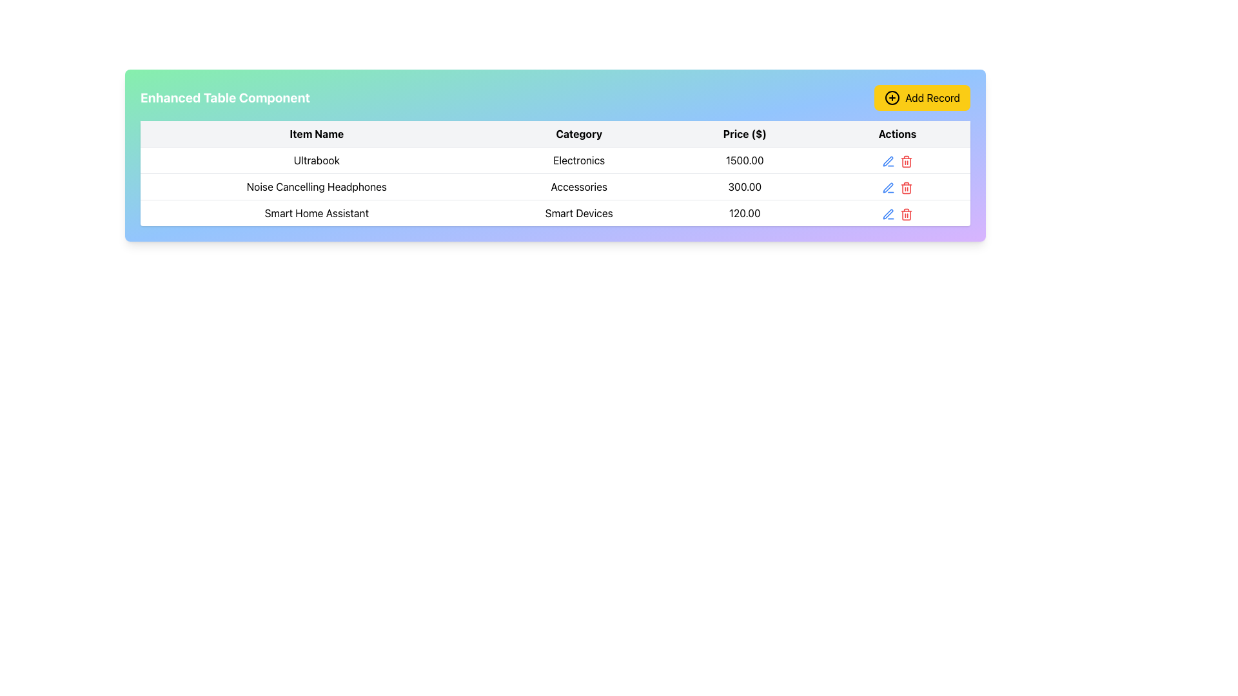 The image size is (1238, 696). Describe the element at coordinates (892, 97) in the screenshot. I see `the decorative icon representing the action to add a new record, located to the left of the 'Add Record' button in the top right corner of the interface` at that location.